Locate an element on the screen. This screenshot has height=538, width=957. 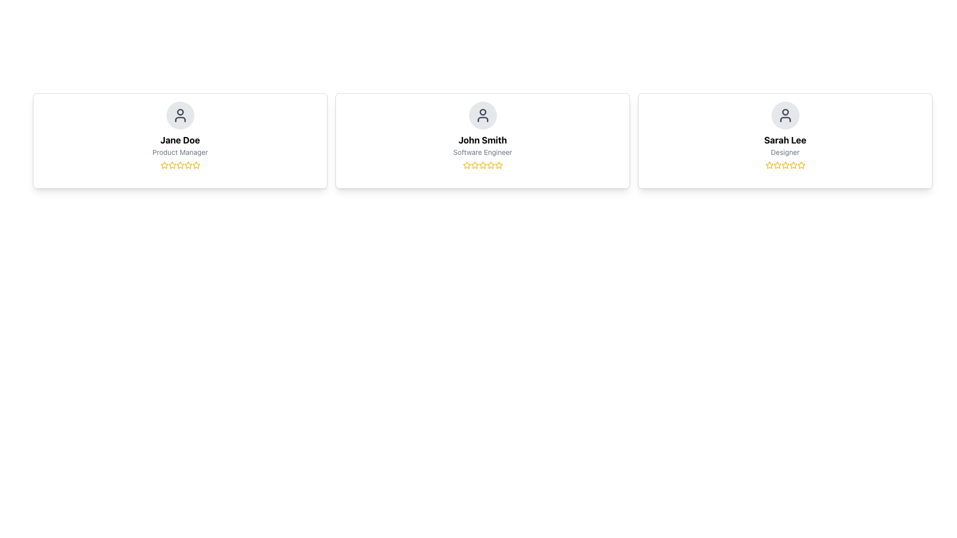
the fifth star icon in the rating section below 'Sarah Lee' to provide a rating is located at coordinates (801, 164).